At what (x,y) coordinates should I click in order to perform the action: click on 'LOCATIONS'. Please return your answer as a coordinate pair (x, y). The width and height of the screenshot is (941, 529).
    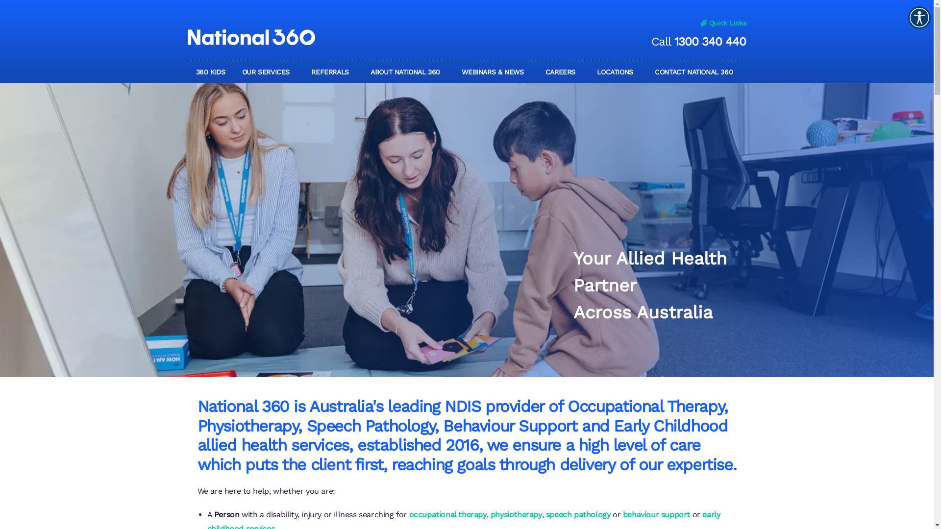
    Looking at the image, I should click on (617, 71).